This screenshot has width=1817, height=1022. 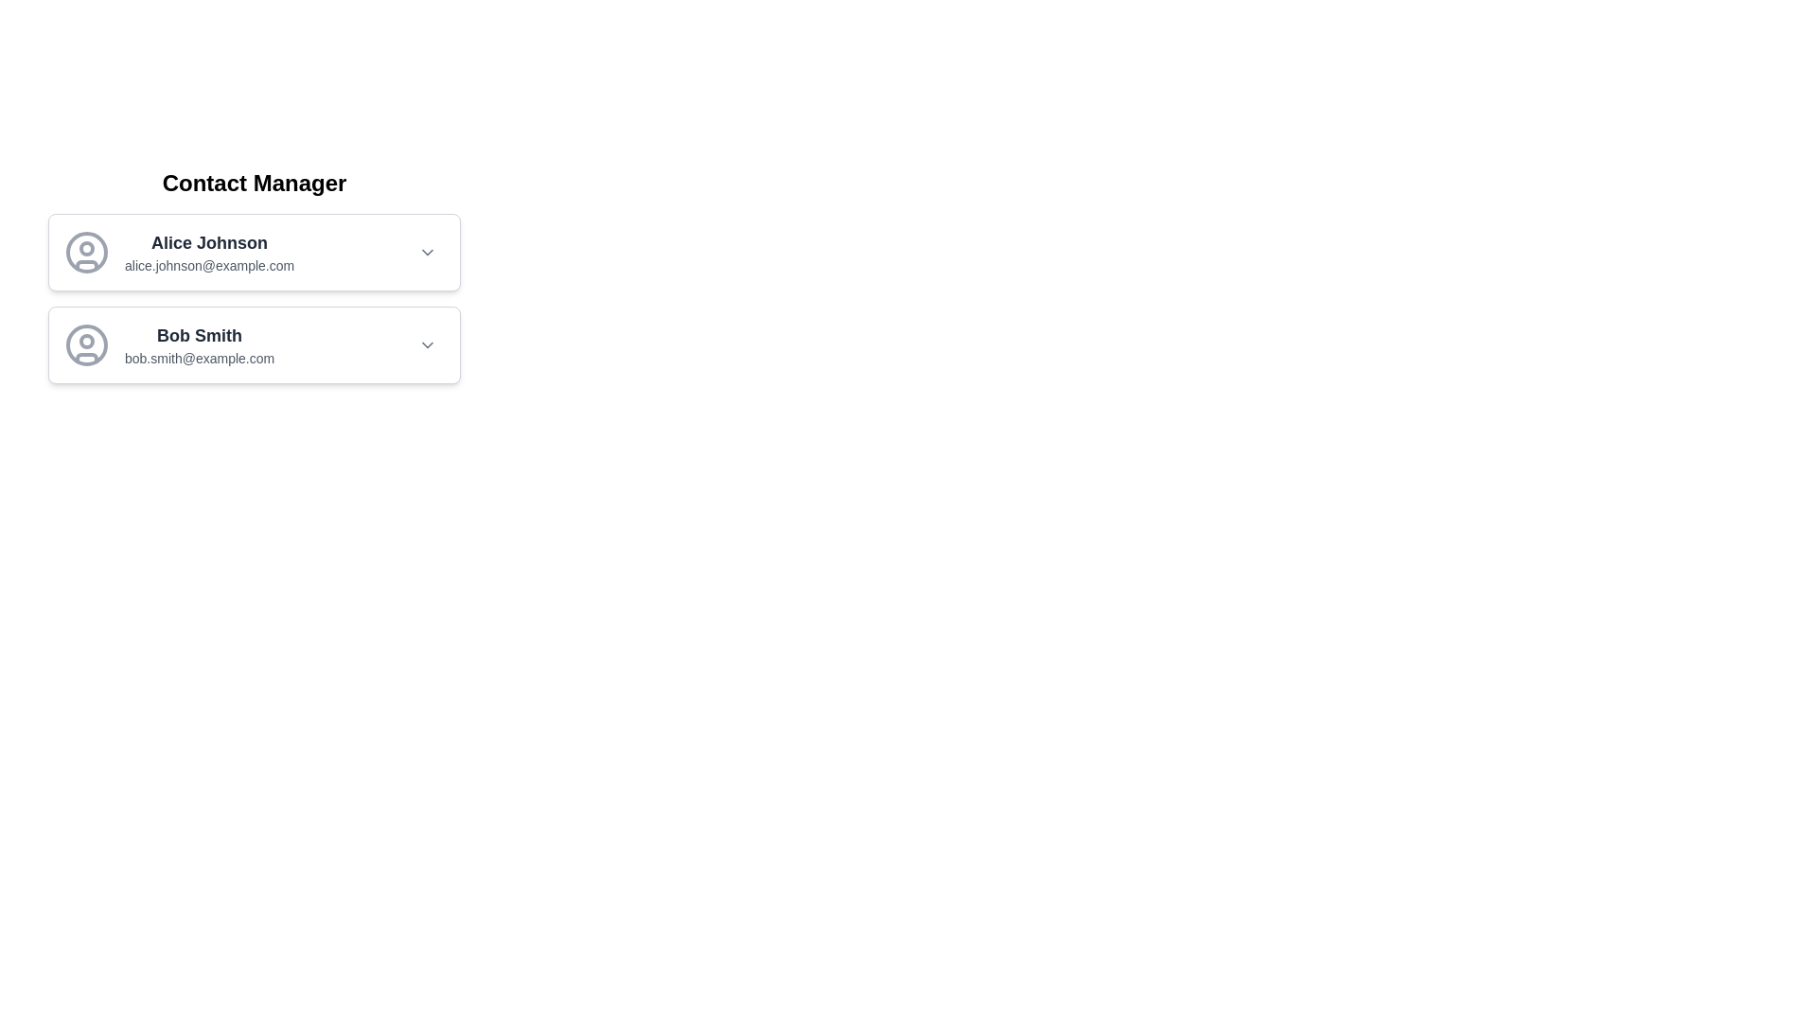 I want to click on the circular user avatar icon representing 'Alice Johnson' in the contact manager interface by clicking on it, so click(x=85, y=251).